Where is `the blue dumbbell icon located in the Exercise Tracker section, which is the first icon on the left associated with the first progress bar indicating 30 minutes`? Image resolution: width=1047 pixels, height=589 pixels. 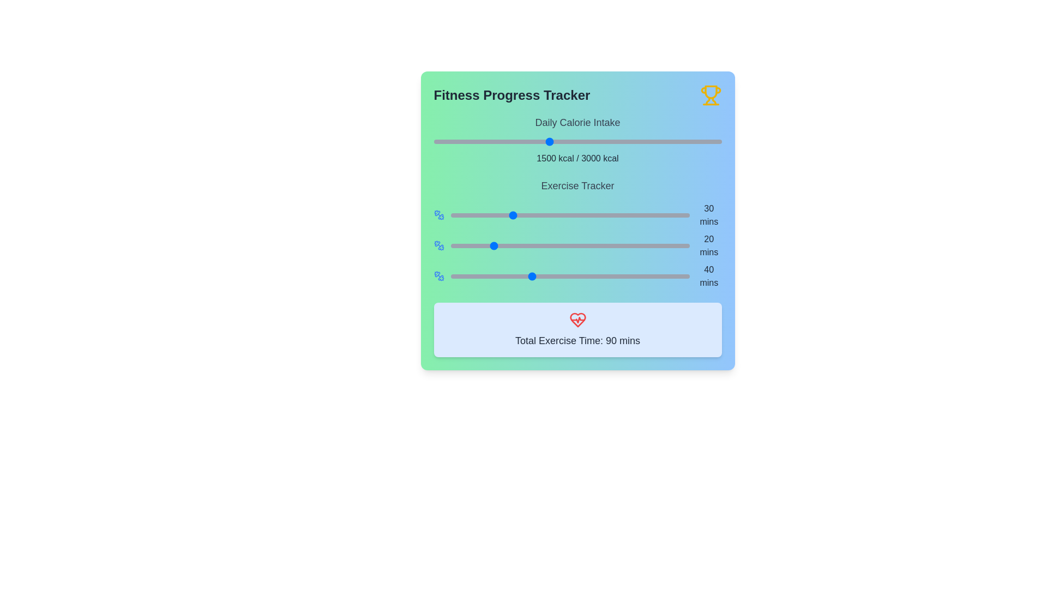
the blue dumbbell icon located in the Exercise Tracker section, which is the first icon on the left associated with the first progress bar indicating 30 minutes is located at coordinates (439, 215).